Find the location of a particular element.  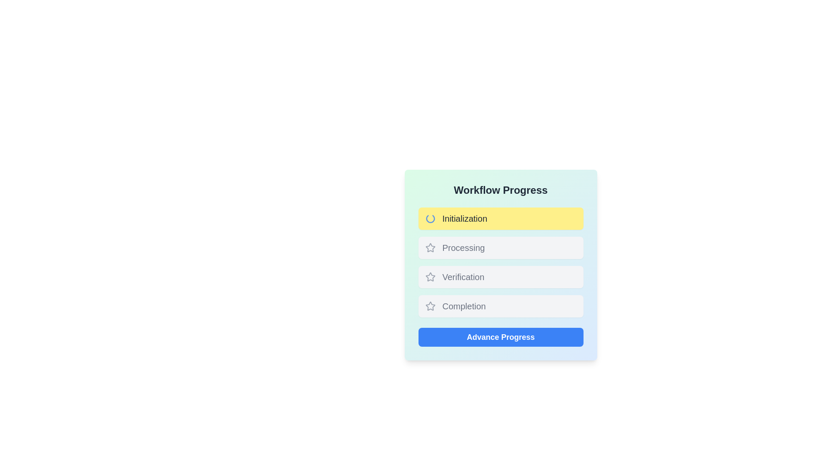

the button located at the bottom of the 'Workflow Progress' panel to advance the workflow to the next stage is located at coordinates (501, 337).